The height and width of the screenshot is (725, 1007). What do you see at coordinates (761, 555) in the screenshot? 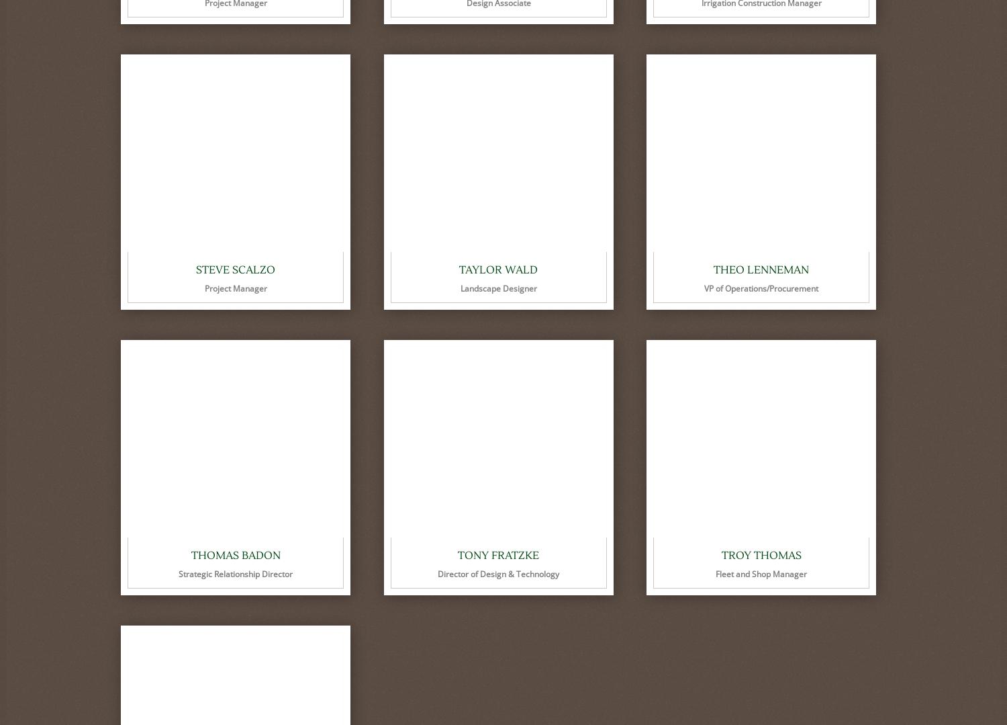
I see `'Troy Thomas'` at bounding box center [761, 555].